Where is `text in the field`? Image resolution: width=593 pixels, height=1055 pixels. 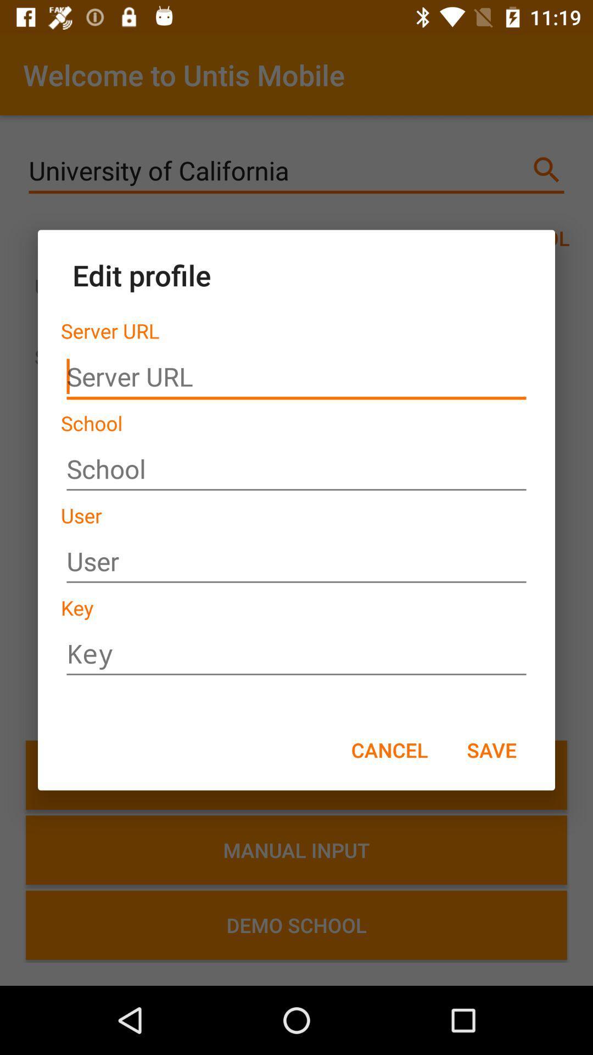
text in the field is located at coordinates (296, 562).